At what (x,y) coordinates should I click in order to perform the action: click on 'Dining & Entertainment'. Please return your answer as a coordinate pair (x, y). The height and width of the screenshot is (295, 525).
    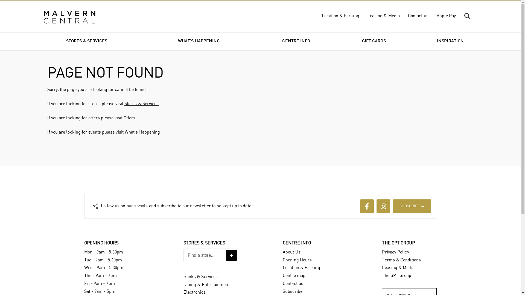
    Looking at the image, I should click on (206, 284).